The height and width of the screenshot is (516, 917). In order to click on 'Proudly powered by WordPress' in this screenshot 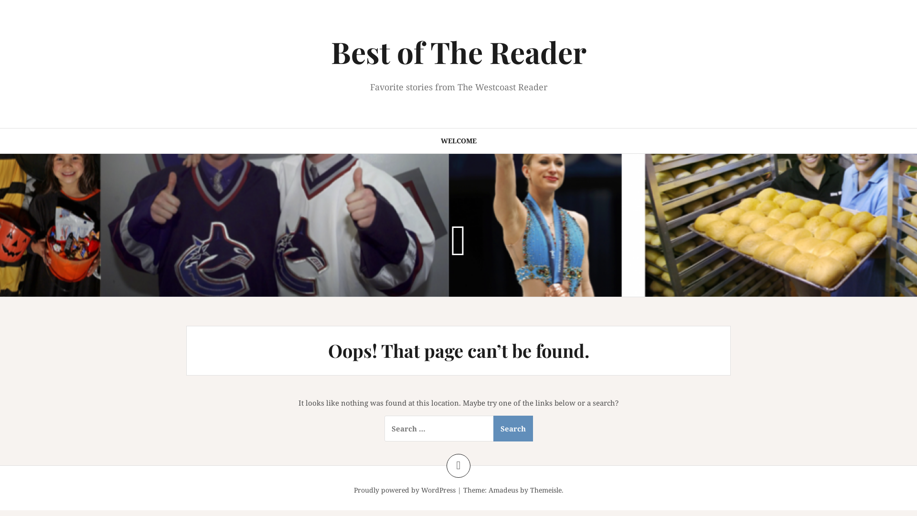, I will do `click(404, 490)`.